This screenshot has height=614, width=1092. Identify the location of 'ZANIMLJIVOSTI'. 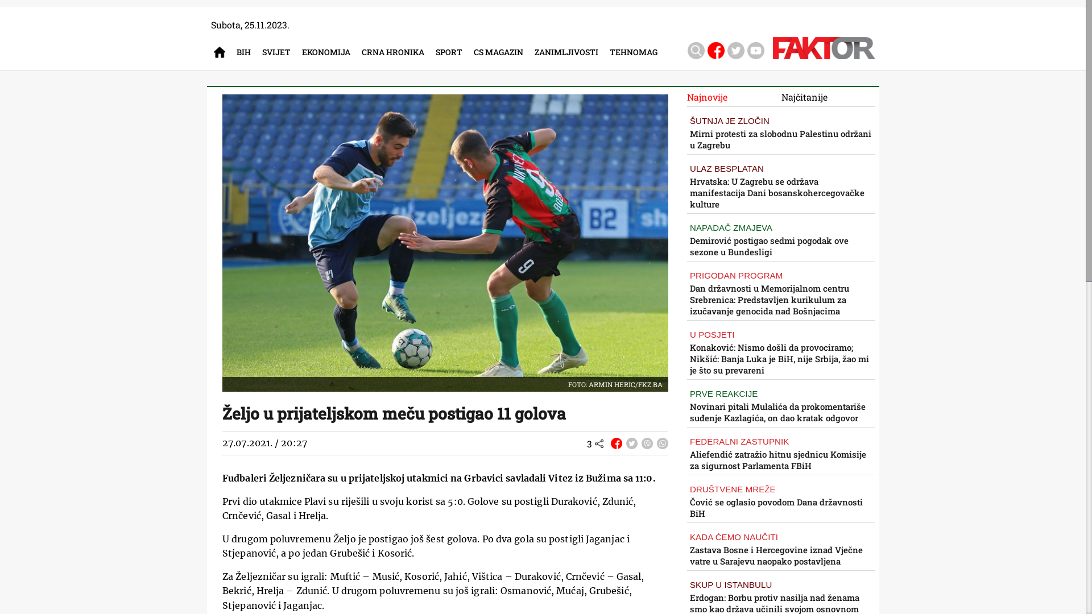
(569, 52).